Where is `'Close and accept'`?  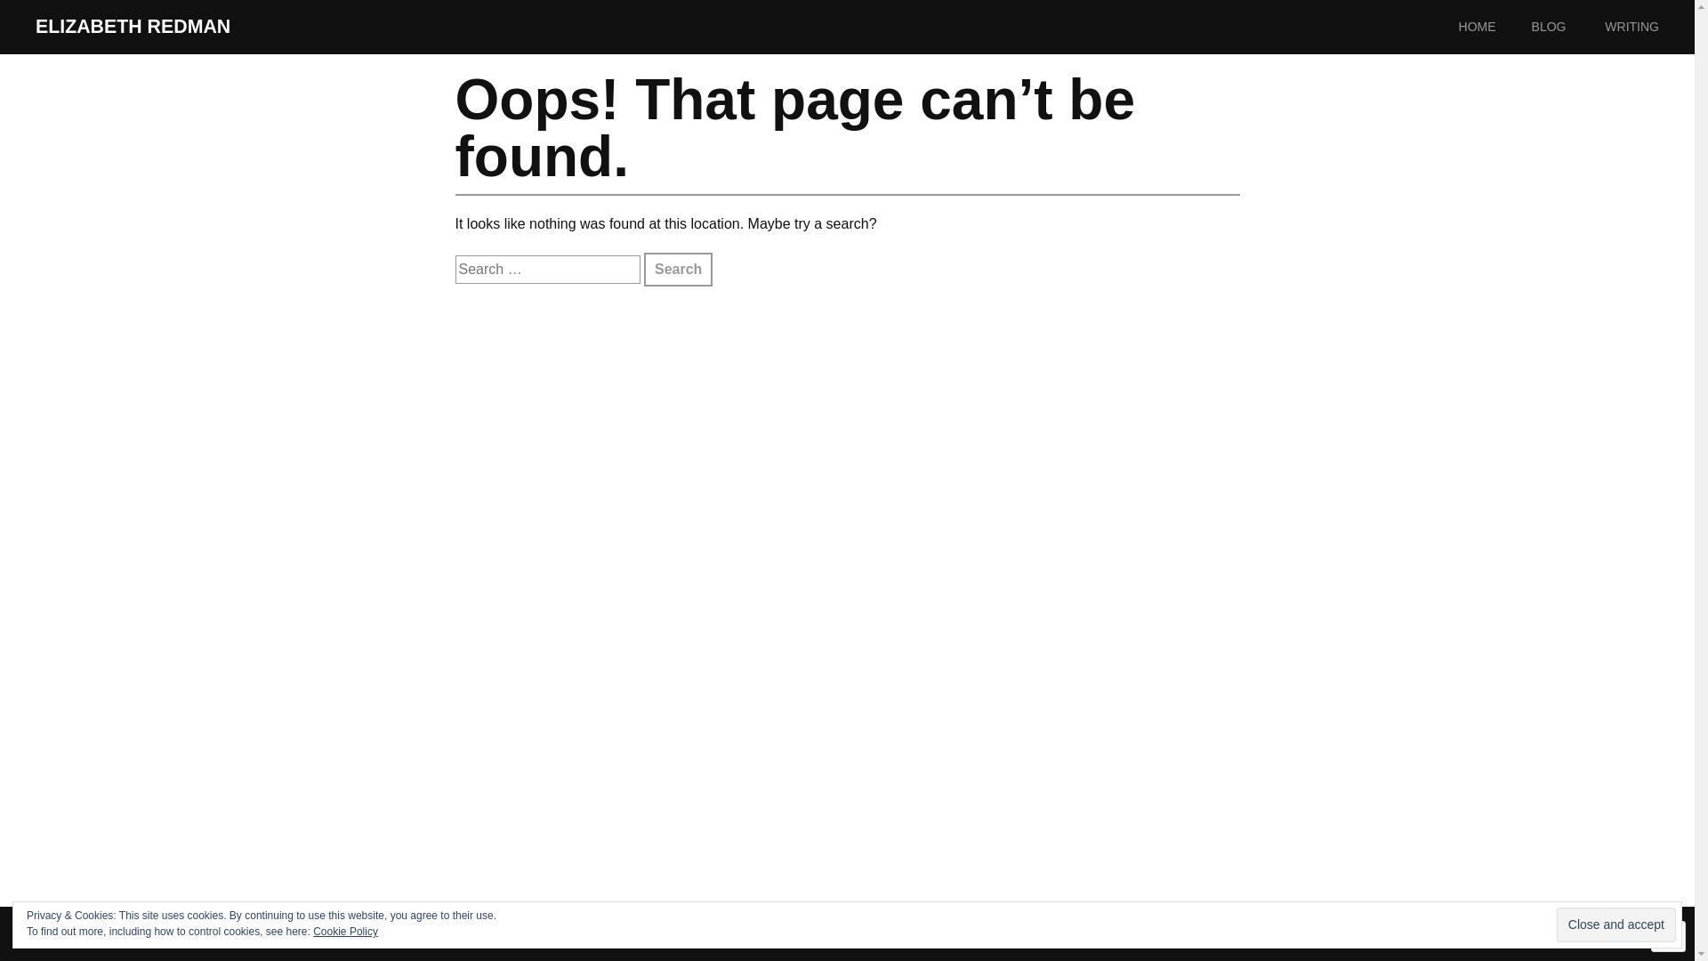 'Close and accept' is located at coordinates (1616, 924).